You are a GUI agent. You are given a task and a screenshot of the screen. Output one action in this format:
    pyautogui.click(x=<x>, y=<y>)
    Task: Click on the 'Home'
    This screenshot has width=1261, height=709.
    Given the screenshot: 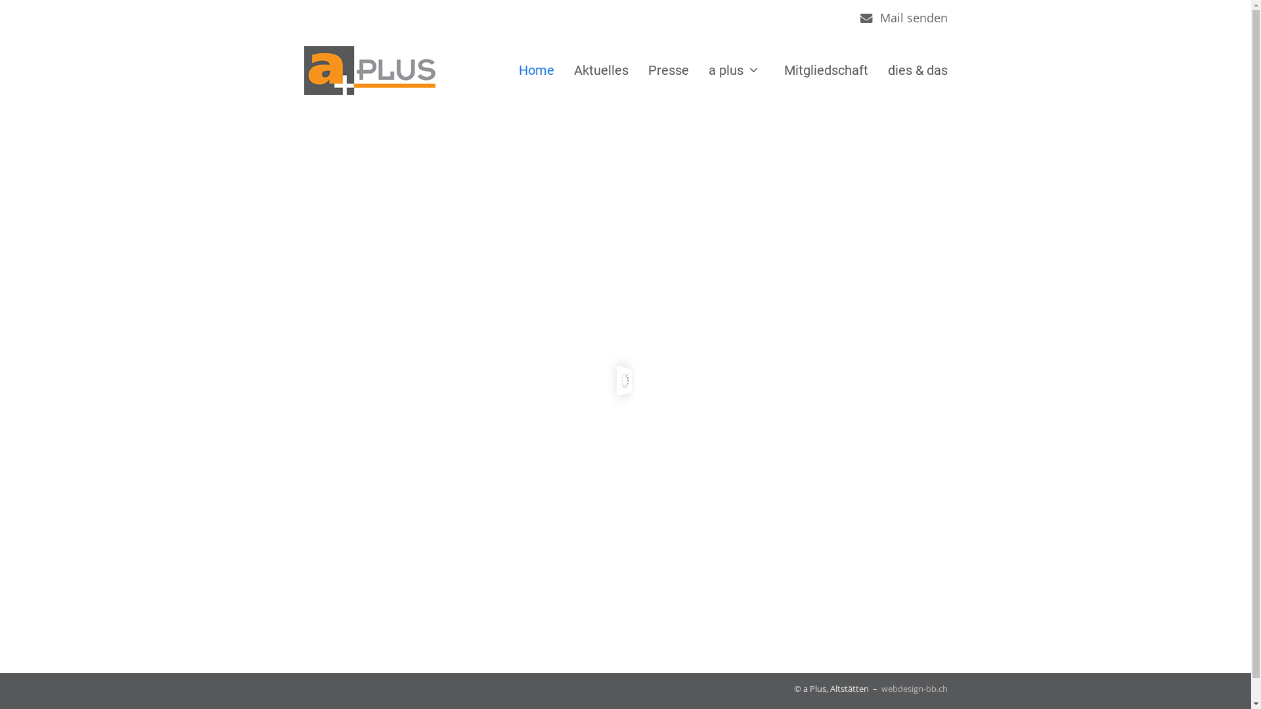 What is the action you would take?
    pyautogui.click(x=536, y=70)
    